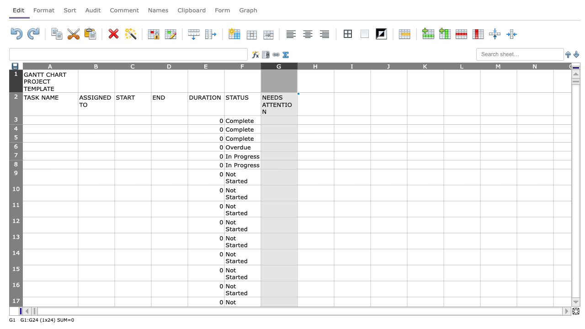  I want to click on the resize handle of column H, so click(334, 65).